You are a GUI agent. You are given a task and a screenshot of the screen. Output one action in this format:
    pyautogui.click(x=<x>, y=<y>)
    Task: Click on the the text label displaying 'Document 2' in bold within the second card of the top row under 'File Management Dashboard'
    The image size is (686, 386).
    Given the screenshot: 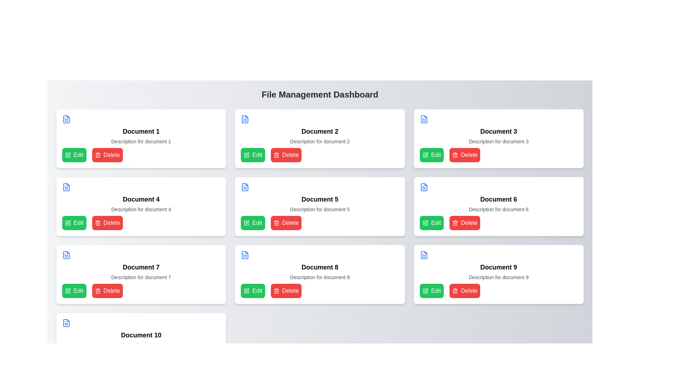 What is the action you would take?
    pyautogui.click(x=319, y=131)
    